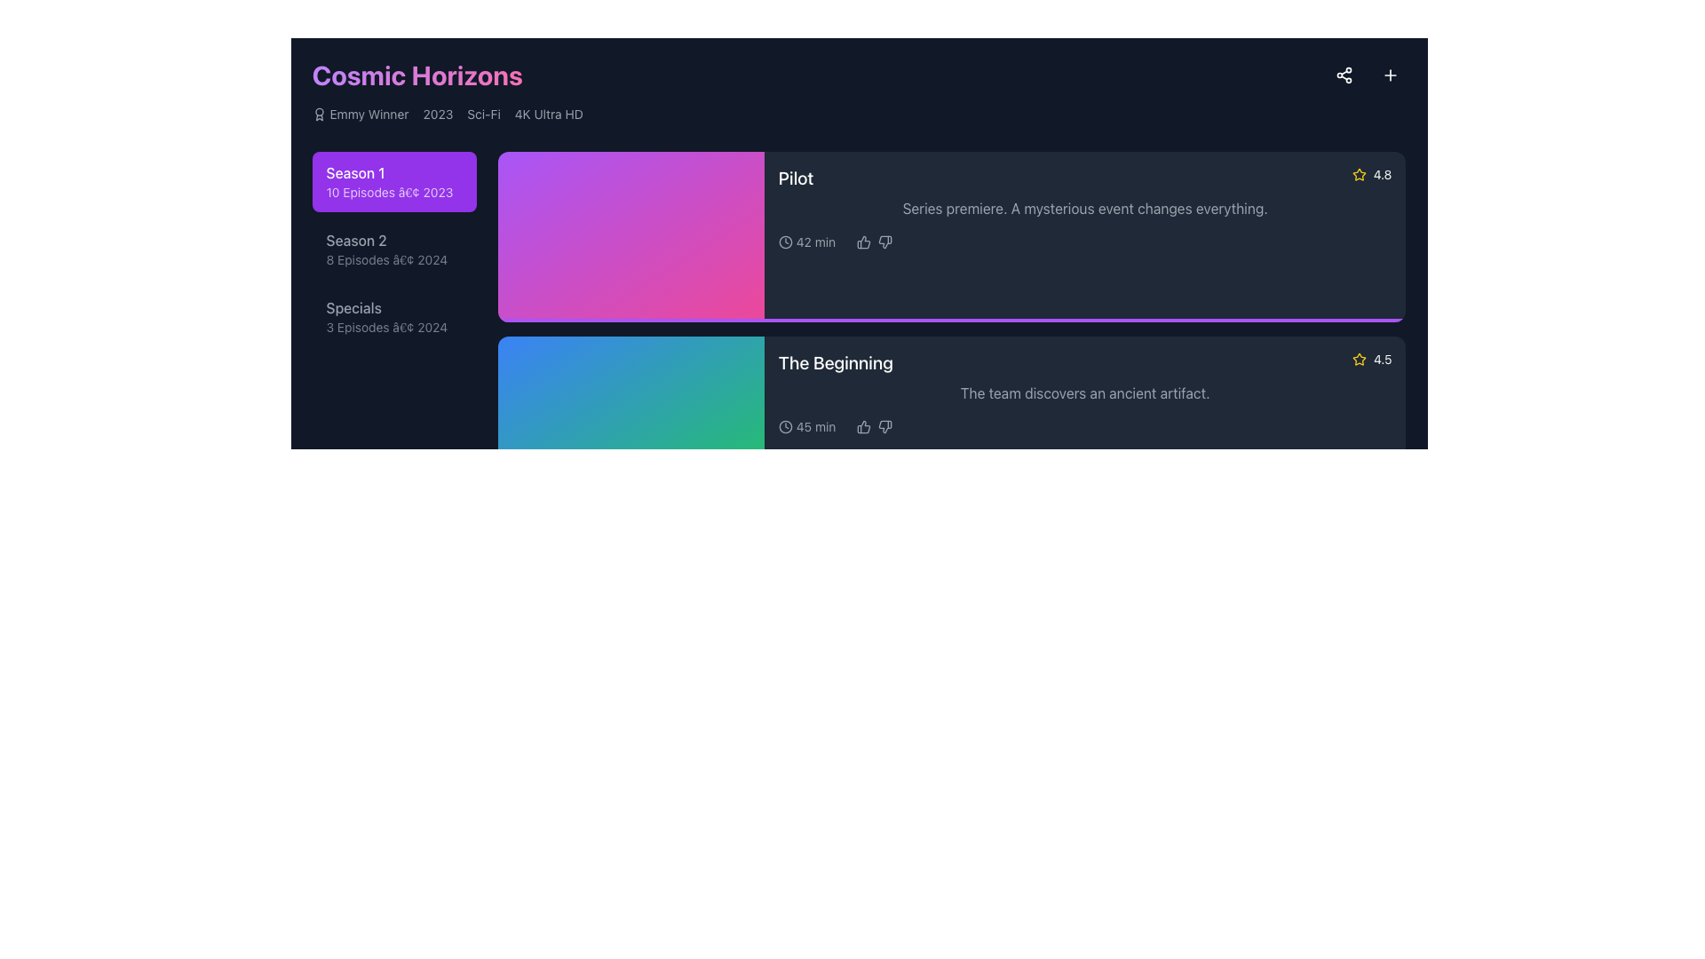 This screenshot has width=1705, height=959. What do you see at coordinates (1371, 174) in the screenshot?
I see `the Rating indicator displaying a score of '4.8' for the item 'Pilot', located in the top-right corner of the card` at bounding box center [1371, 174].